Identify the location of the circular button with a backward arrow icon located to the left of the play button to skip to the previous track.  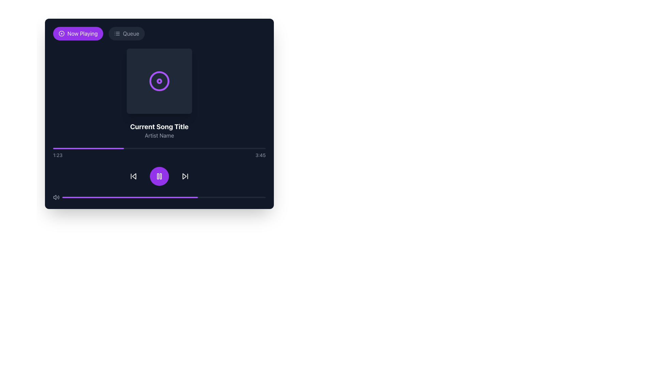
(134, 176).